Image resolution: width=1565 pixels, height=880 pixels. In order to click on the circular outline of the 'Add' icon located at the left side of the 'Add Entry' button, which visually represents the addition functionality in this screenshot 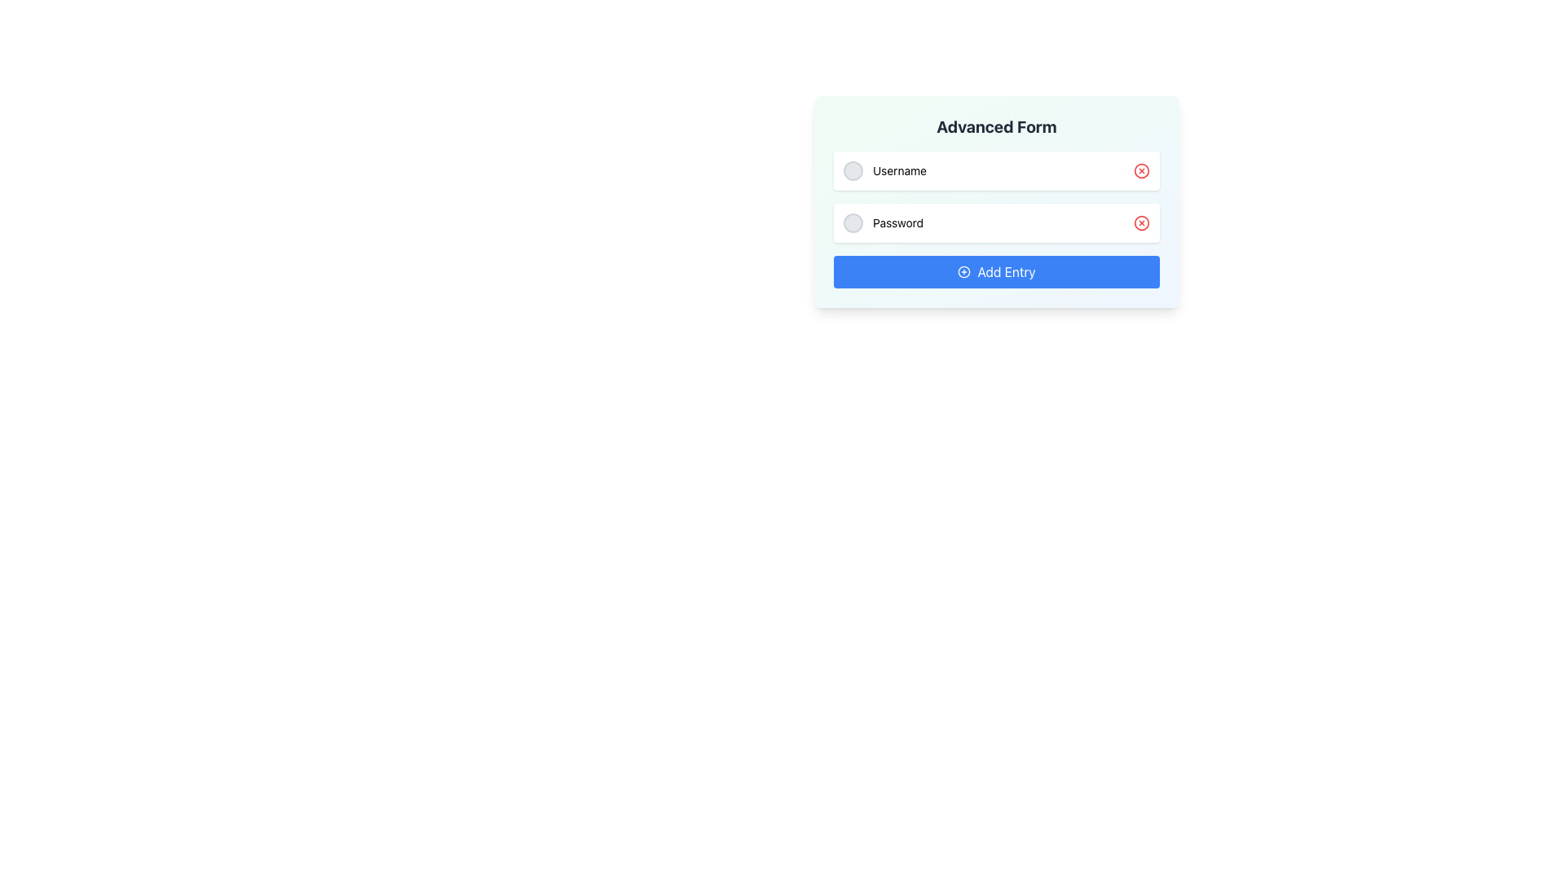, I will do `click(964, 271)`.